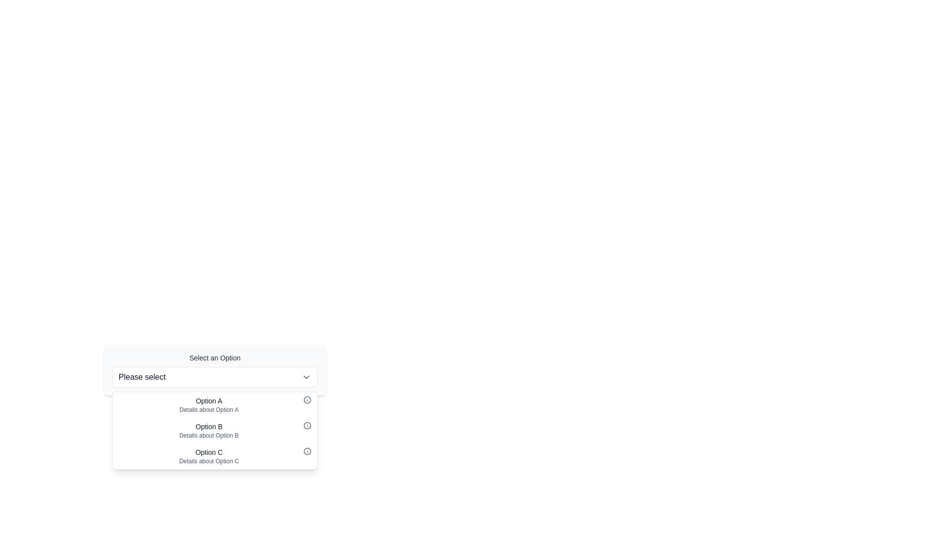  I want to click on the circular icon located in the third entry labeled 'Option C', so click(307, 451).